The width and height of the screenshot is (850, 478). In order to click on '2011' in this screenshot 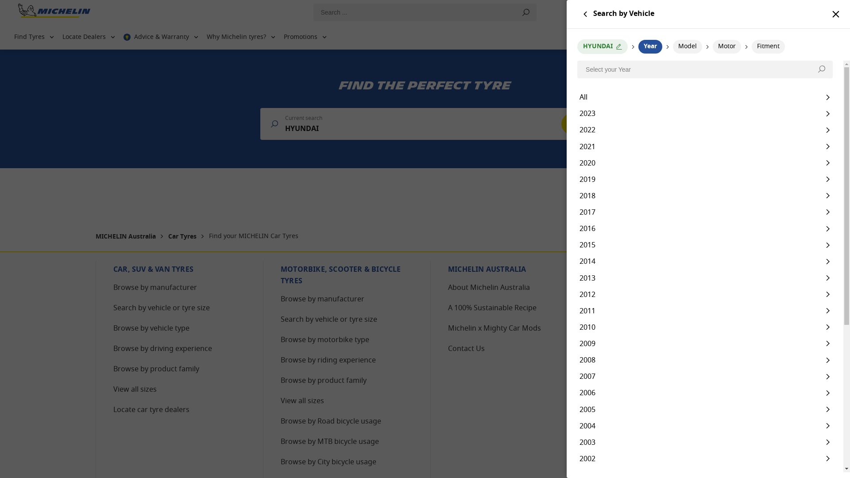, I will do `click(704, 310)`.